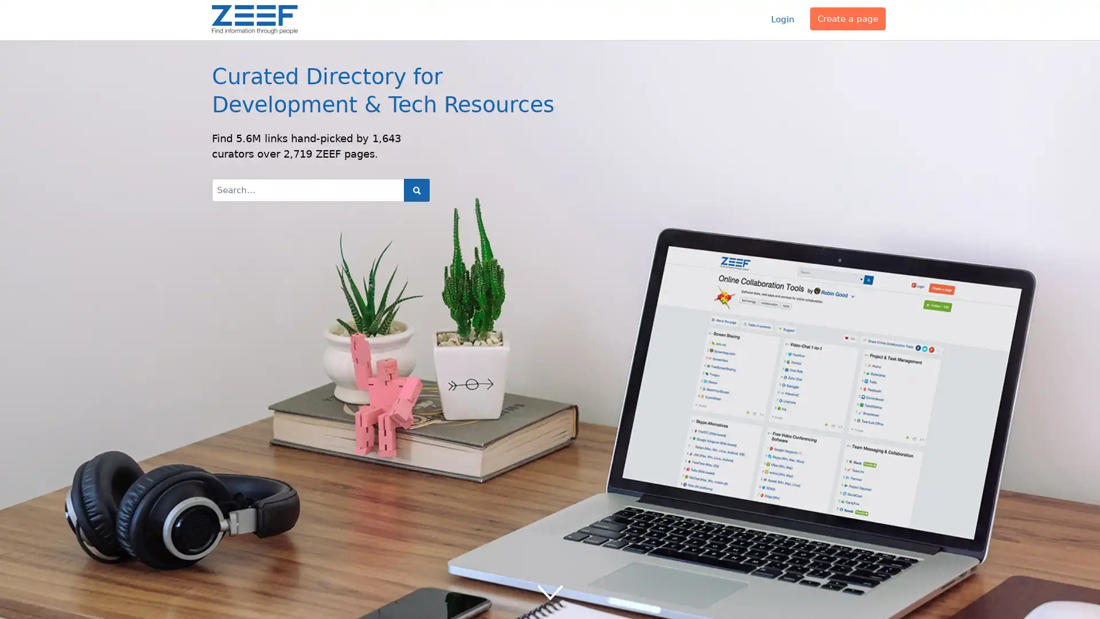 Image resolution: width=1100 pixels, height=619 pixels. Describe the element at coordinates (416, 189) in the screenshot. I see `Search` at that location.